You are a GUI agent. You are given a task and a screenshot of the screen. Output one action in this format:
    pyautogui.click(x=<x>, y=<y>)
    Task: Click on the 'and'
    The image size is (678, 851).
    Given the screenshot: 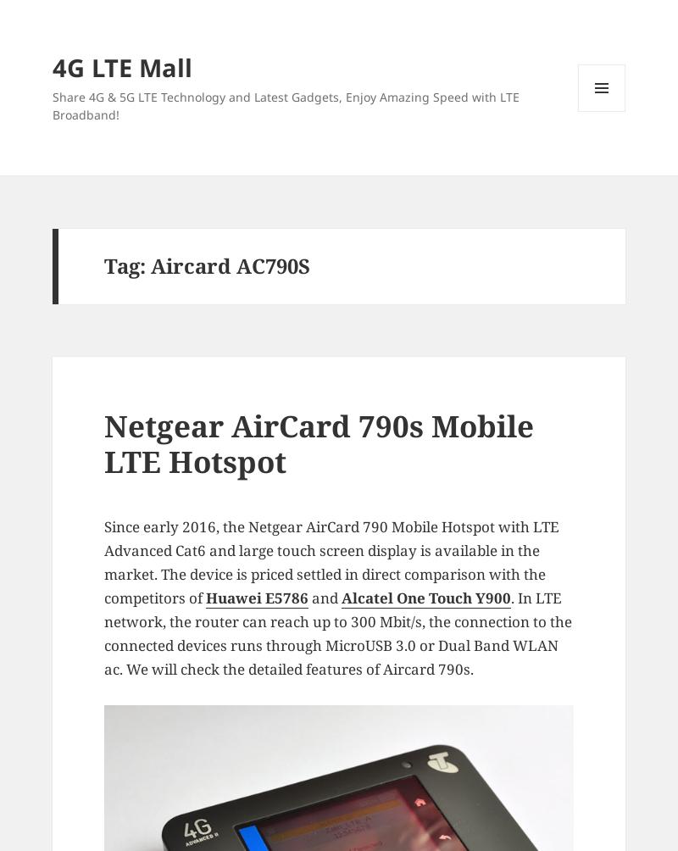 What is the action you would take?
    pyautogui.click(x=324, y=597)
    